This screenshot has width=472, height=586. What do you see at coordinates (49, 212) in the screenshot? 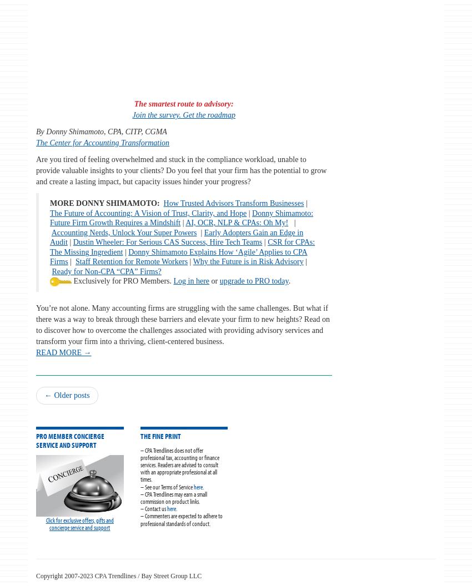
I see `'The Future of Accounting: A Vision of Trust, Clarity, and Hope'` at bounding box center [49, 212].